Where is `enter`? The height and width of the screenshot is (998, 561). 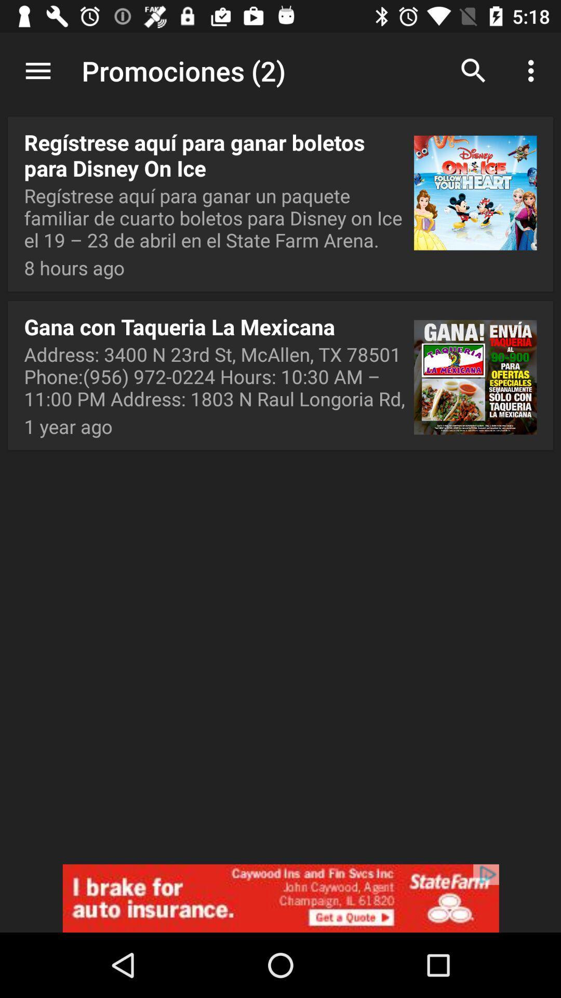
enter is located at coordinates (280, 898).